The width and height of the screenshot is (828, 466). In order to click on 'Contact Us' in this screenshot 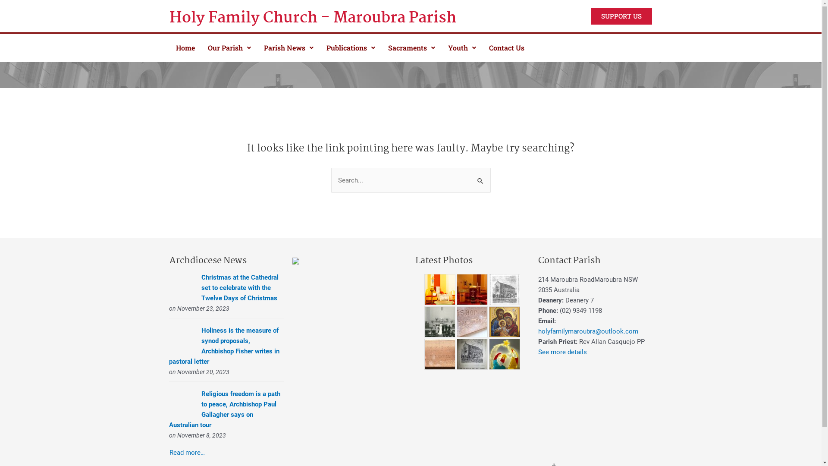, I will do `click(506, 48)`.